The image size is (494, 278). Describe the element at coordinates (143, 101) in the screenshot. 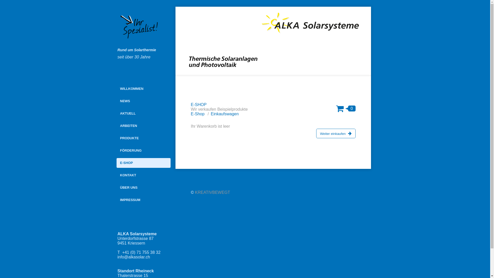

I see `'NEWS'` at that location.